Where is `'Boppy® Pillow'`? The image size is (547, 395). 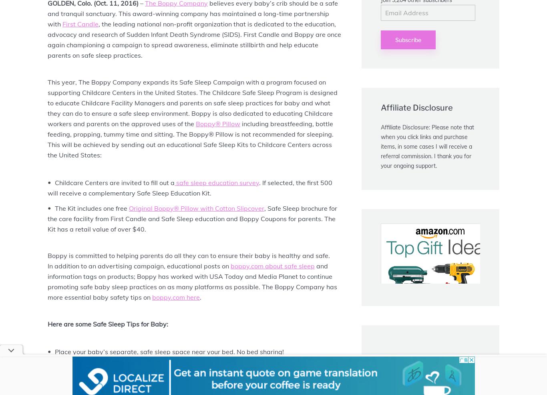
'Boppy® Pillow' is located at coordinates (196, 123).